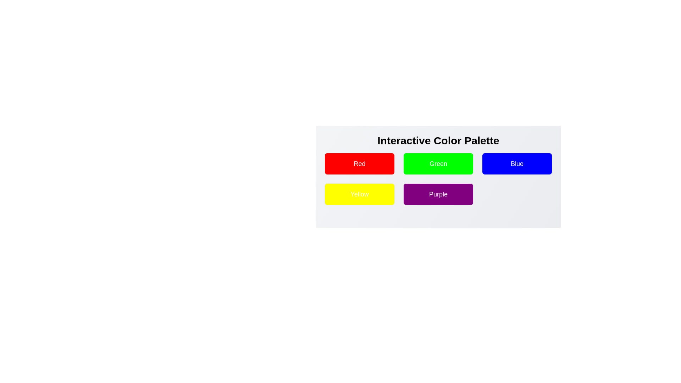 Image resolution: width=681 pixels, height=383 pixels. Describe the element at coordinates (517, 164) in the screenshot. I see `the text label displaying the word 'Blue', which is center-aligned within a blue button located in the top-right of a grid layout` at that location.